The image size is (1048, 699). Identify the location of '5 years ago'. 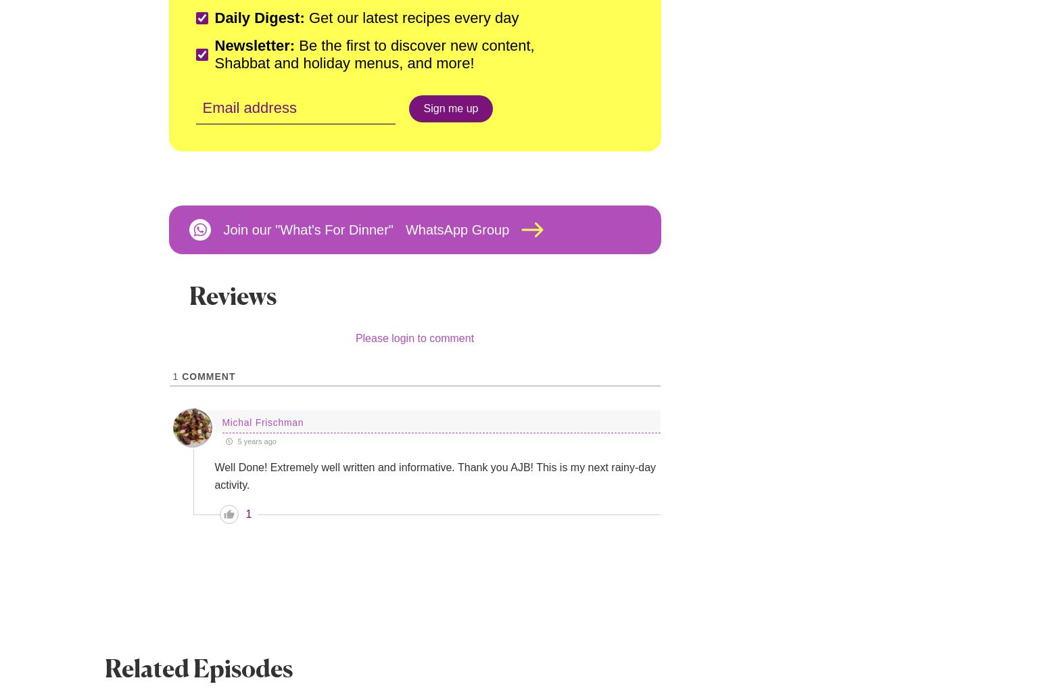
(234, 441).